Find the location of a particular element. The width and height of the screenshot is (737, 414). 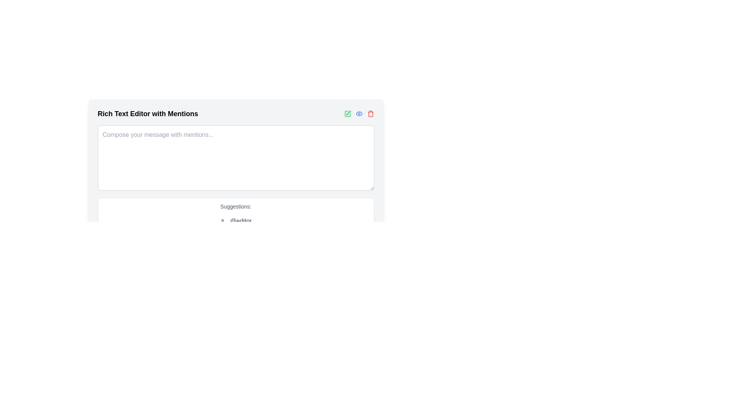

the pen icon located in the top-right corner of the interface is located at coordinates (348, 113).